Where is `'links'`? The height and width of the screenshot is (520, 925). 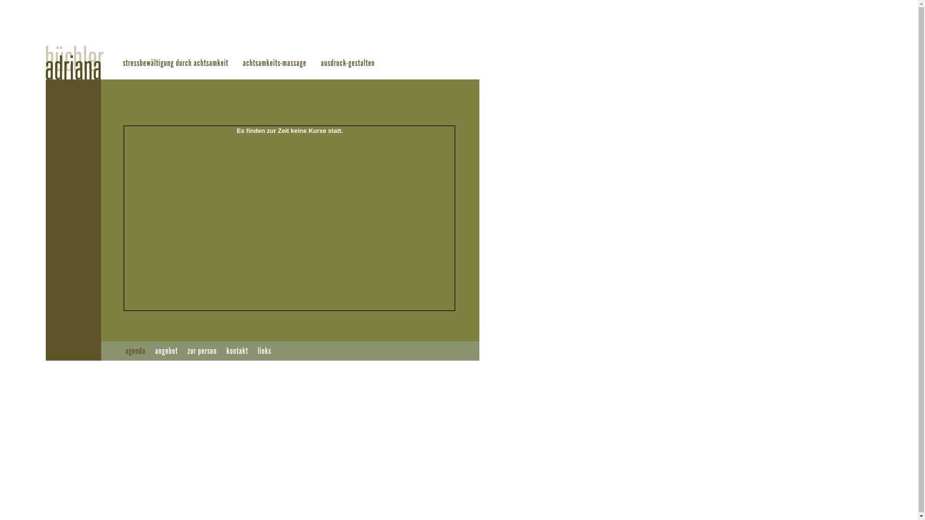
'links' is located at coordinates (264, 351).